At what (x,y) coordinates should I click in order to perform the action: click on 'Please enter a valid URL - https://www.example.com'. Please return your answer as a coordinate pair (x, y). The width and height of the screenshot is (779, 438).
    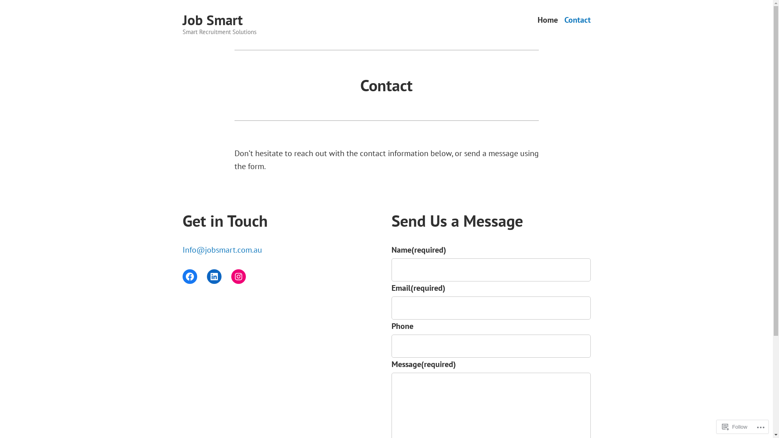
    Looking at the image, I should click on (490, 346).